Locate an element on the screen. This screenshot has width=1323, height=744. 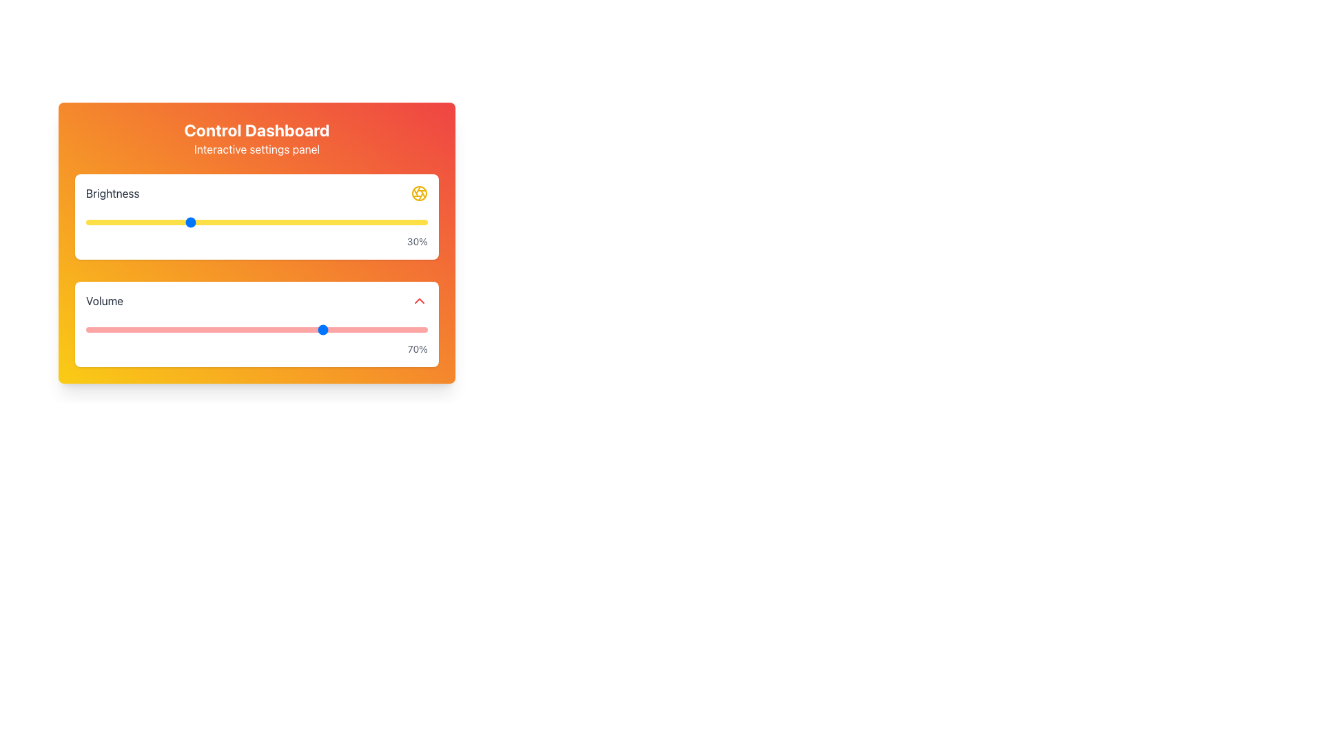
brightness is located at coordinates (95, 222).